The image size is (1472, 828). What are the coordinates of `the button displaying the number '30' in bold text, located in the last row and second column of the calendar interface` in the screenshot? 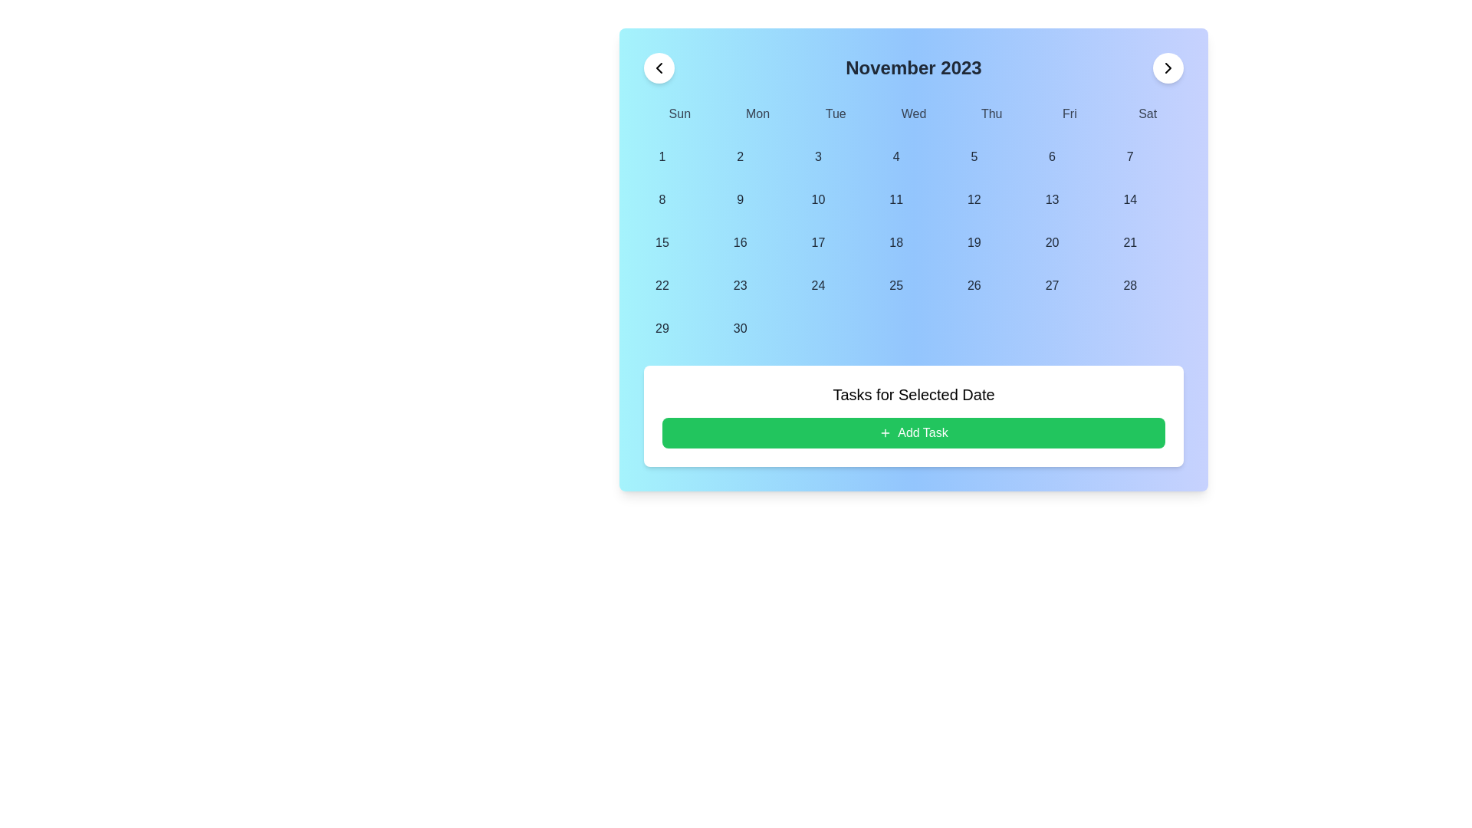 It's located at (740, 327).